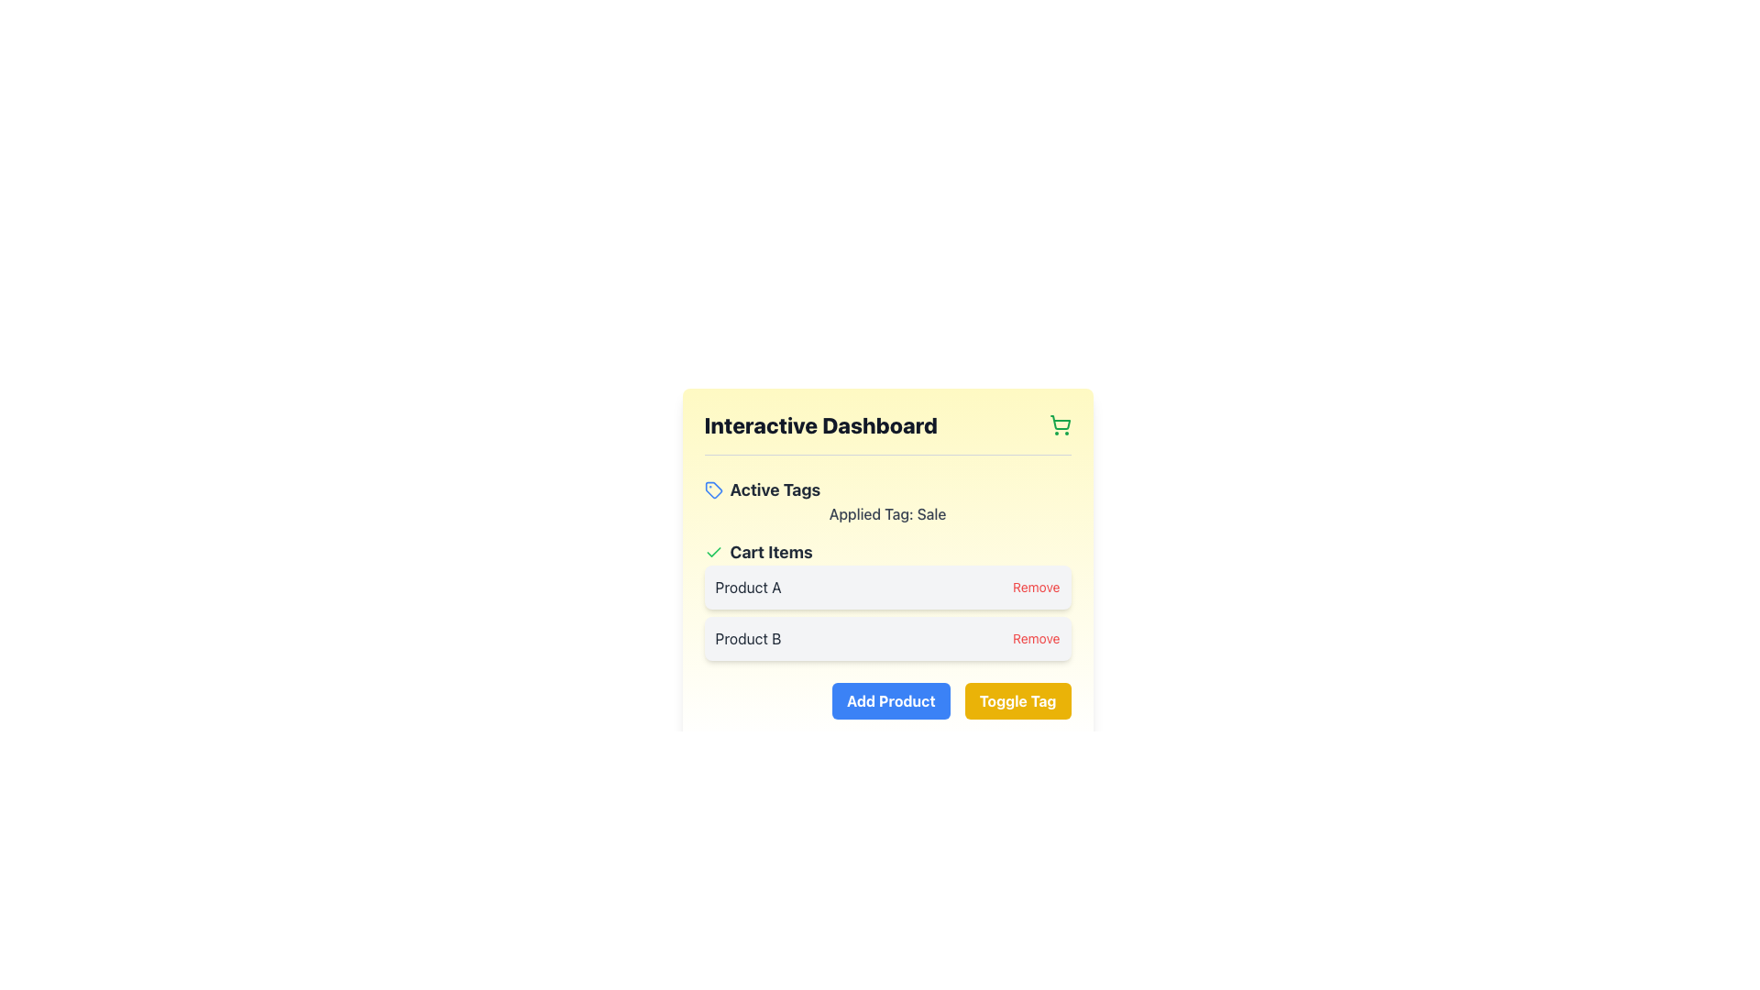 The width and height of the screenshot is (1760, 990). Describe the element at coordinates (887, 433) in the screenshot. I see `the 'Interactive Dashboard' header text with the green shopping cart icon by moving the cursor to its center point` at that location.